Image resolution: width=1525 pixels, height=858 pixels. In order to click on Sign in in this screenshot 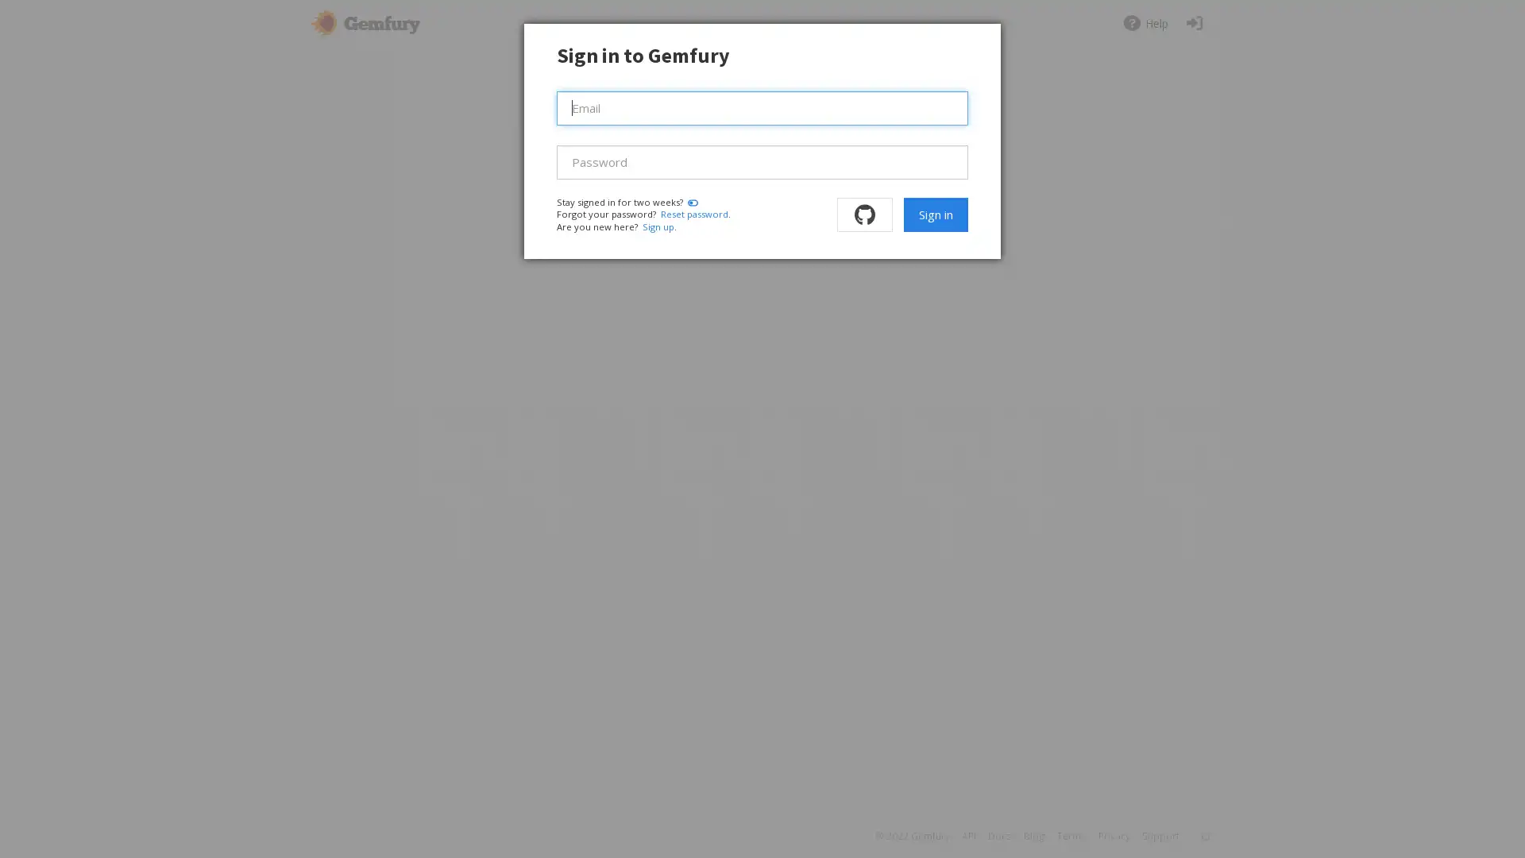, I will do `click(935, 214)`.